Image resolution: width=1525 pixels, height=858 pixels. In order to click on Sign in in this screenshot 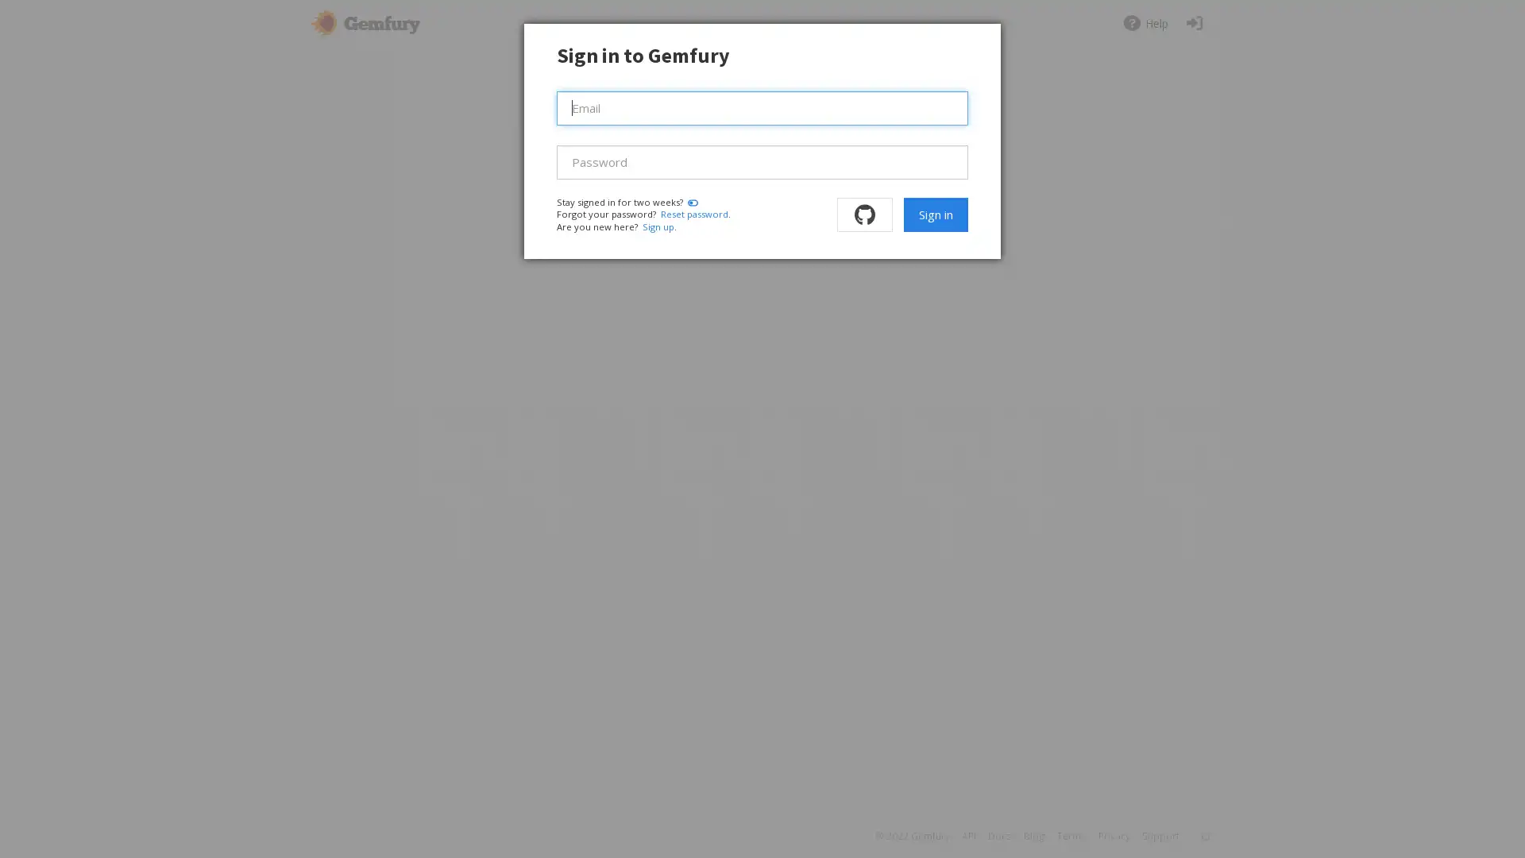, I will do `click(935, 214)`.